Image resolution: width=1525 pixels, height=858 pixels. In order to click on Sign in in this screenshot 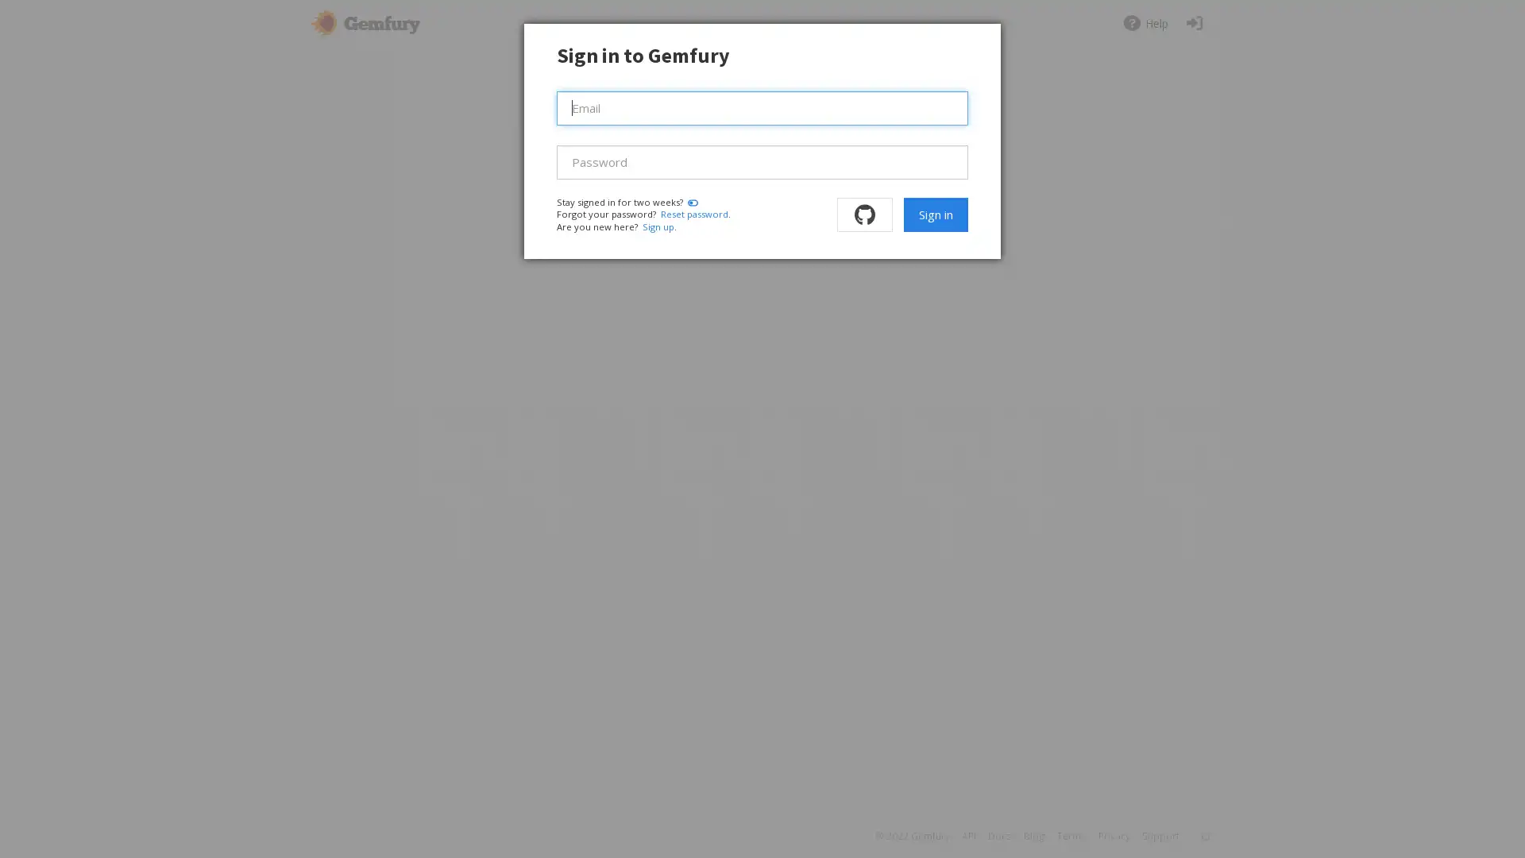, I will do `click(935, 214)`.